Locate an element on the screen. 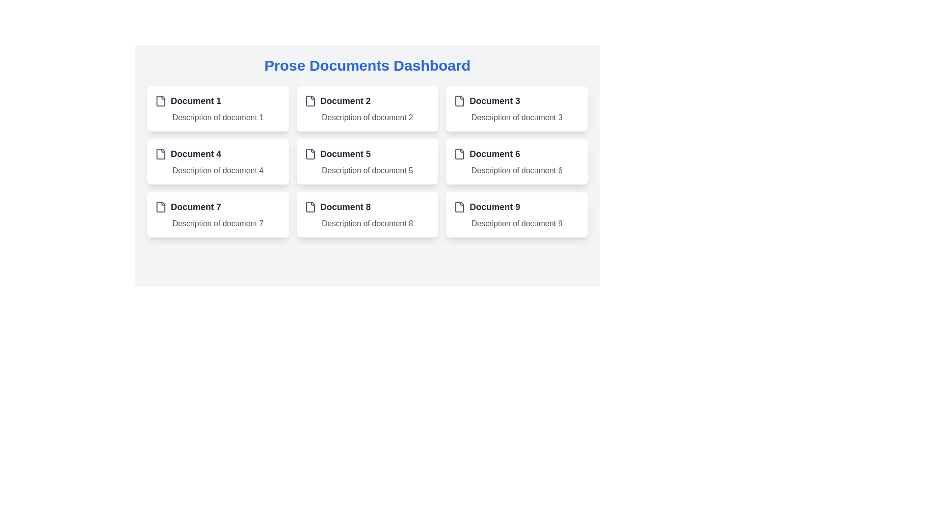 Image resolution: width=942 pixels, height=530 pixels. displayed document title 'Document 8' from the text label located in the first card of the third row, below the 'Prose Documents Dashboard' header is located at coordinates (345, 206).